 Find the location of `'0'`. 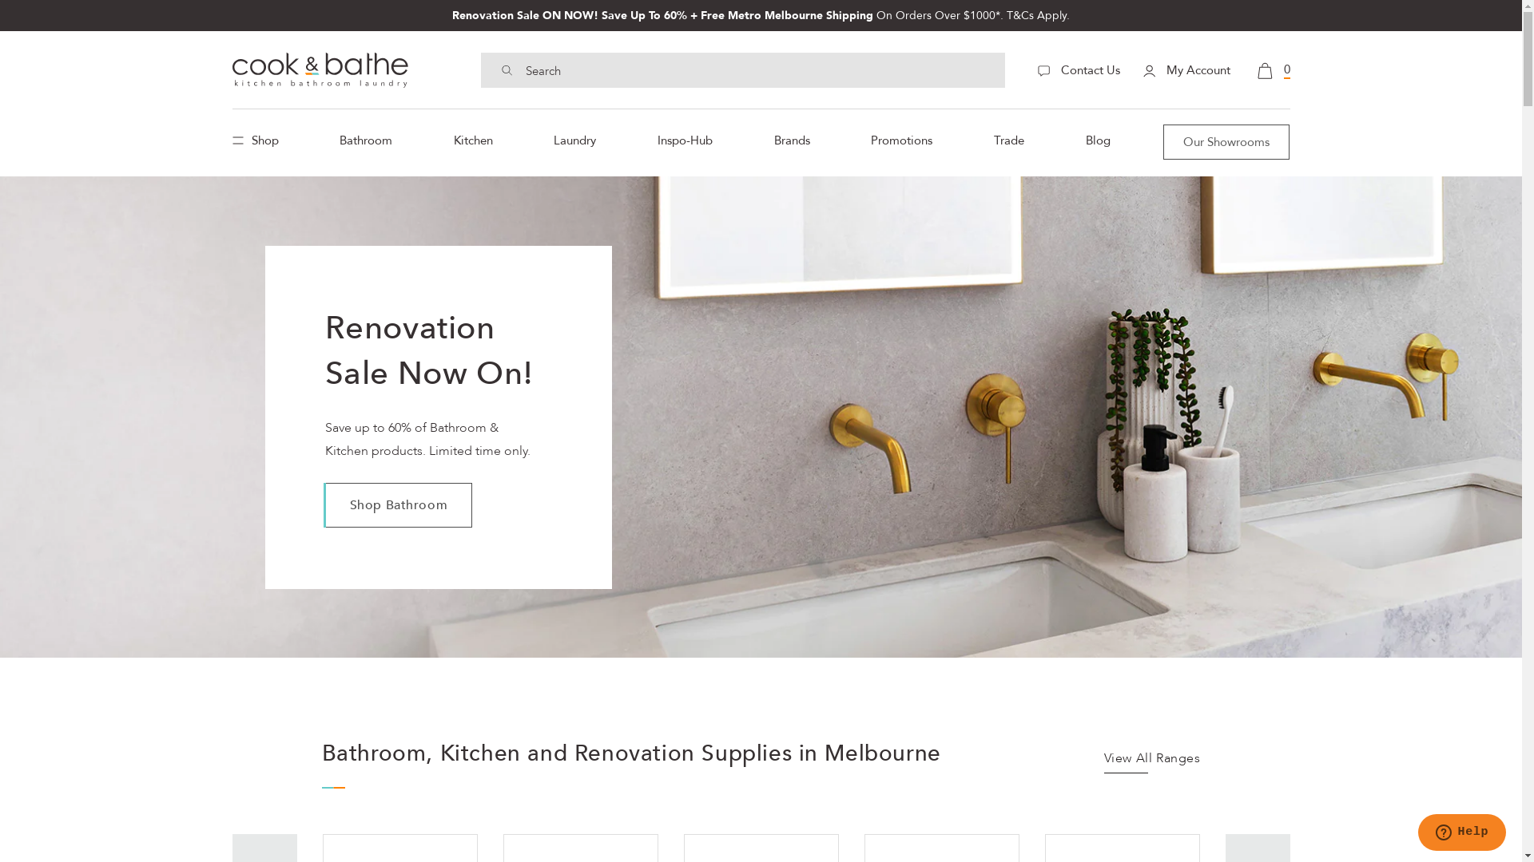

'0' is located at coordinates (1272, 69).